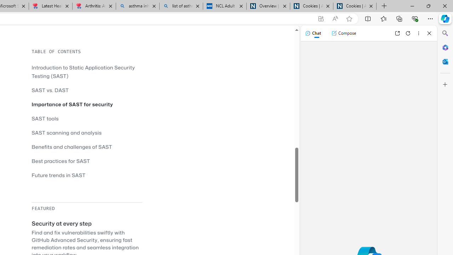 Image resolution: width=453 pixels, height=255 pixels. I want to click on 'NCL Adult Asthma Inhaler Choice Guideline', so click(224, 6).